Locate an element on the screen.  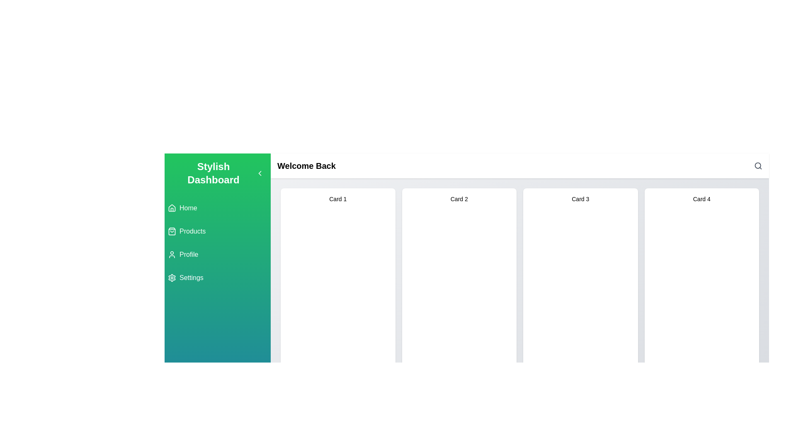
the Text Label located at the top middle of the fourth card, which serves as a header for the card's content and is aligned with titles in other cards is located at coordinates (701, 199).